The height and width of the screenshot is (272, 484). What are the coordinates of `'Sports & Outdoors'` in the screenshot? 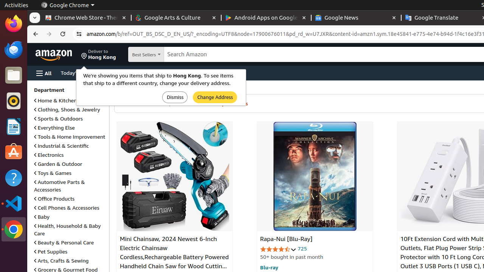 It's located at (58, 118).